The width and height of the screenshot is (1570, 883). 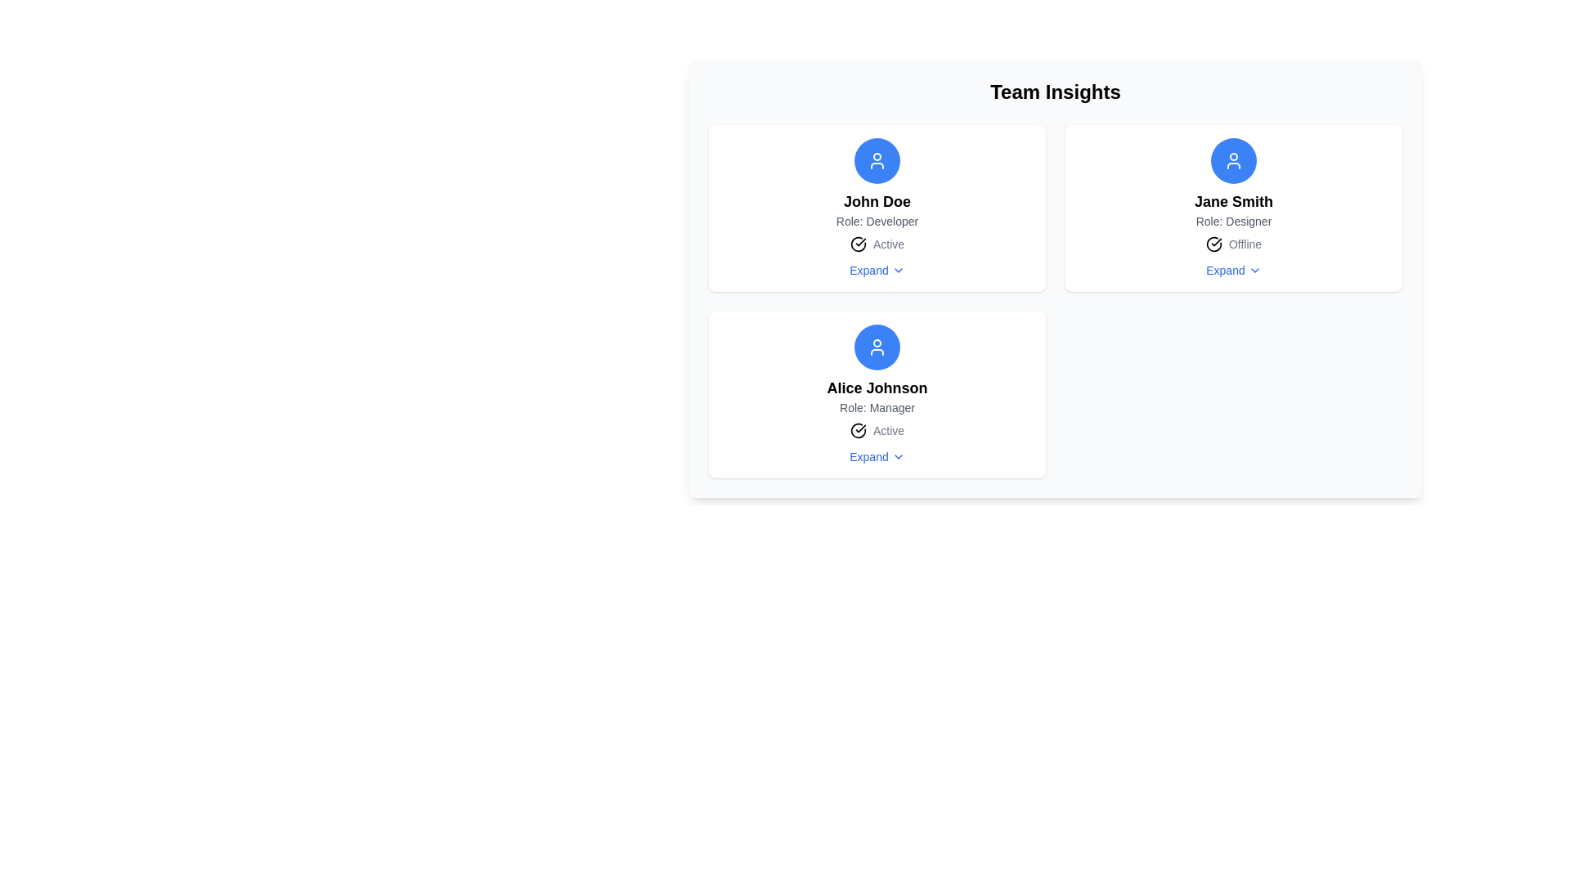 I want to click on the status indicator icon, which is a check mark within a circular outline, located to the left of the text 'Active' in Alice Johnson's user card, so click(x=857, y=430).